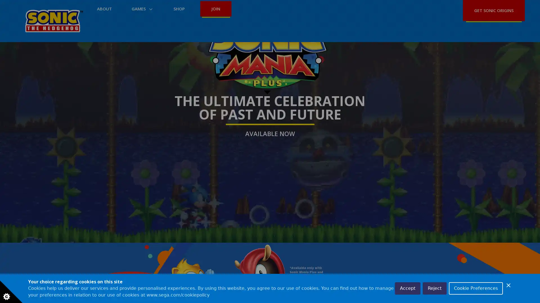 This screenshot has width=540, height=303. I want to click on Accept, so click(408, 288).